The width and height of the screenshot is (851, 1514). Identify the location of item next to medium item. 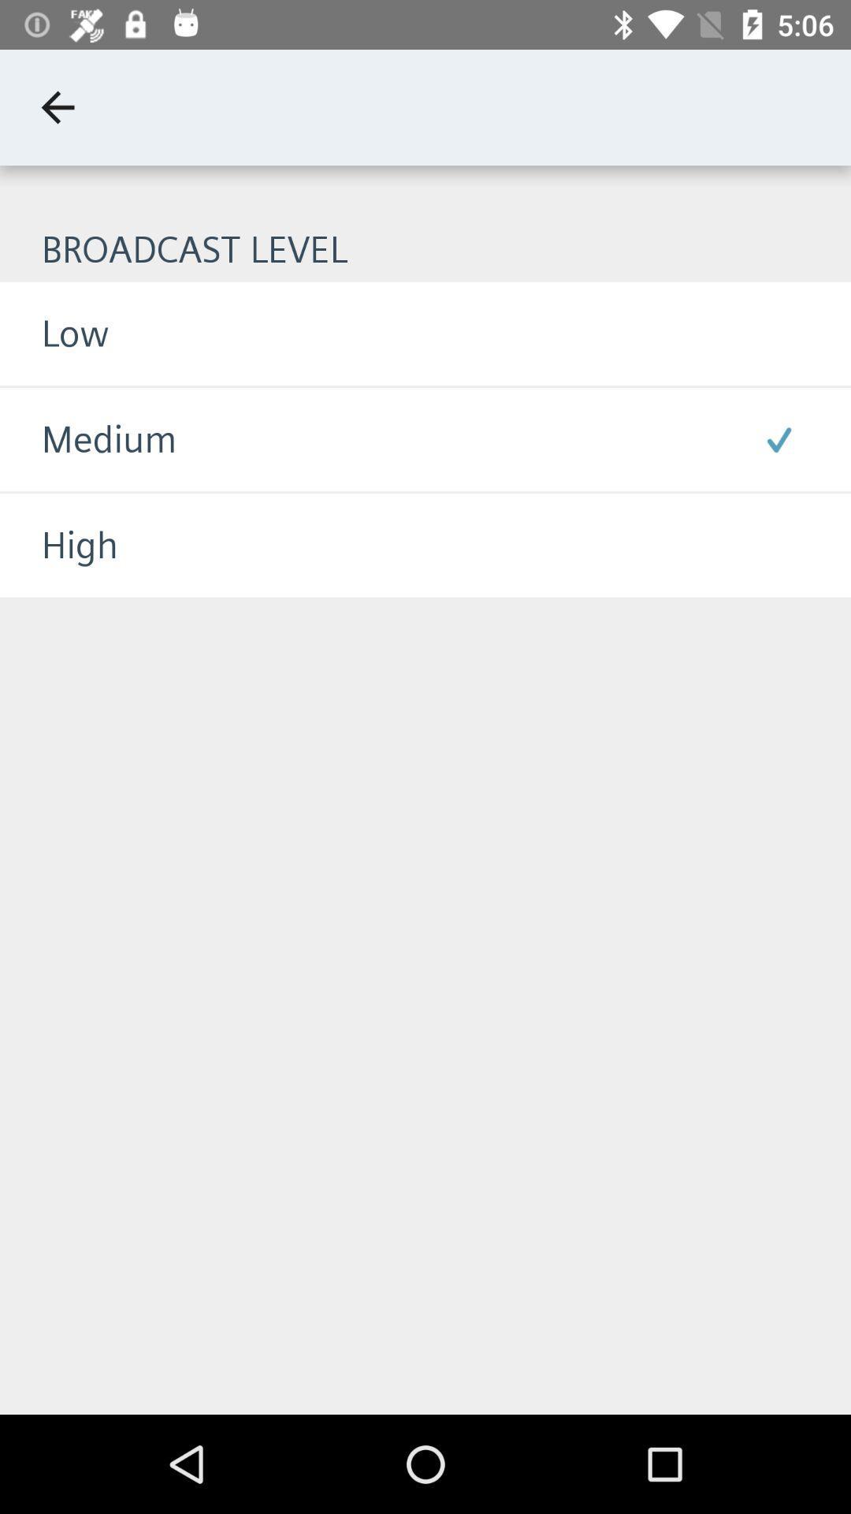
(778, 439).